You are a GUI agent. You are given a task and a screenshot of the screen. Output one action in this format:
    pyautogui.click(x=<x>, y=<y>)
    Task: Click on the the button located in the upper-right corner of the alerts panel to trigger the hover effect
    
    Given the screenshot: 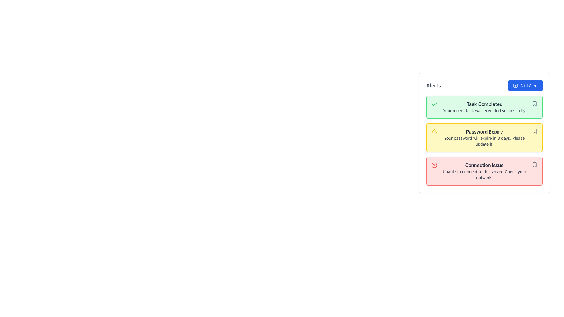 What is the action you would take?
    pyautogui.click(x=525, y=86)
    